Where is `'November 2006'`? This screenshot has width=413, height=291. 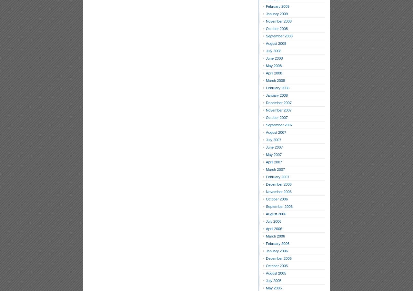
'November 2006' is located at coordinates (278, 191).